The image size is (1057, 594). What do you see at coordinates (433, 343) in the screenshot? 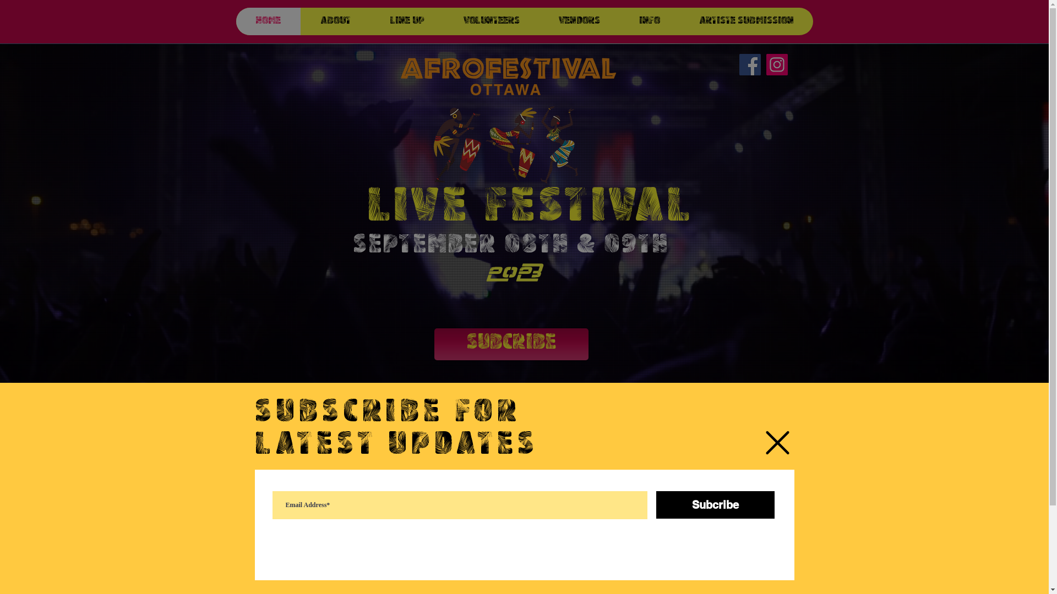
I see `'SUBCRIBE'` at bounding box center [433, 343].